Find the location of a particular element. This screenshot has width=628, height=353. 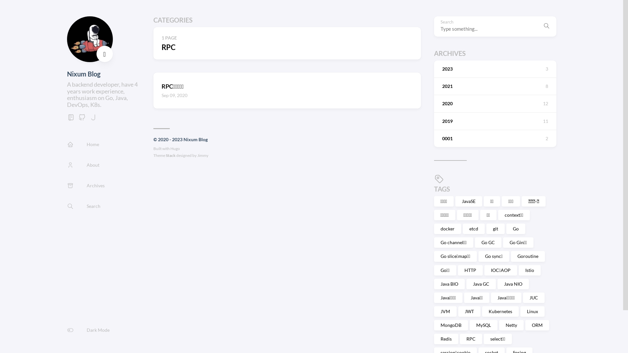

'Linux' is located at coordinates (532, 311).